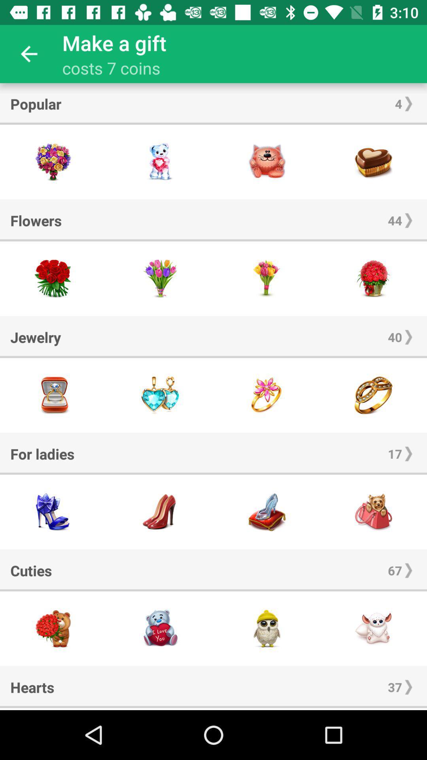 Image resolution: width=427 pixels, height=760 pixels. I want to click on the for ladies, so click(42, 454).